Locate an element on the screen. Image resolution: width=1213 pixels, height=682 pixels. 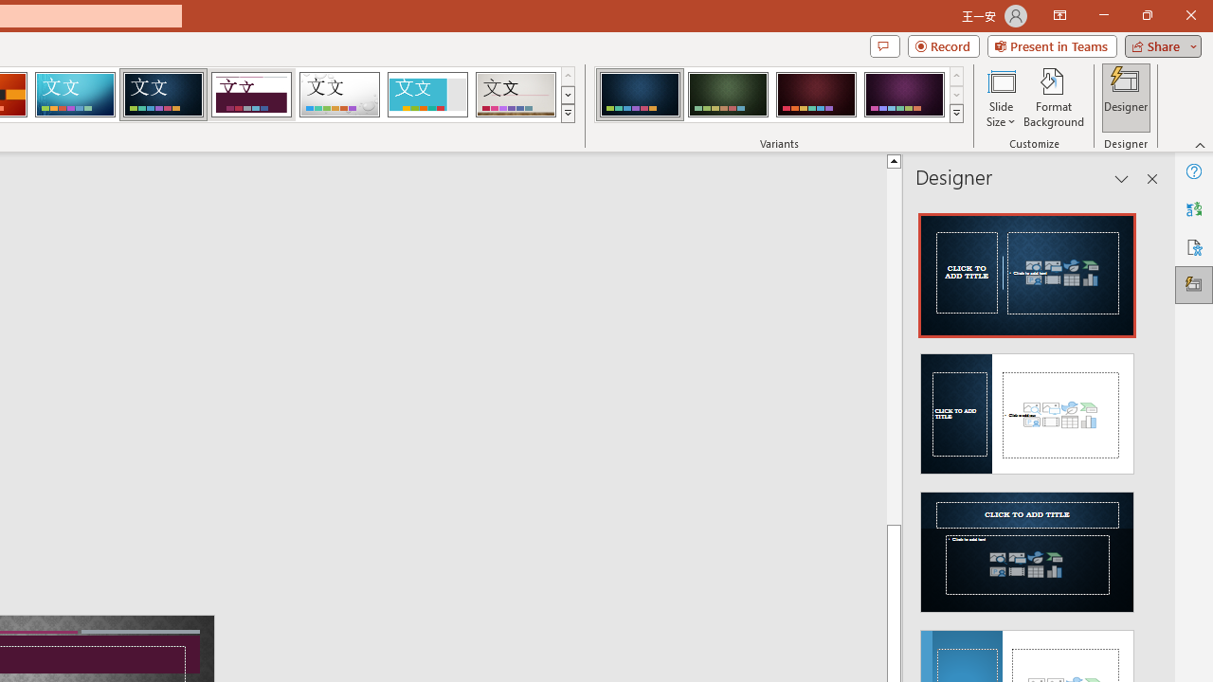
'Task Pane Options' is located at coordinates (1122, 179).